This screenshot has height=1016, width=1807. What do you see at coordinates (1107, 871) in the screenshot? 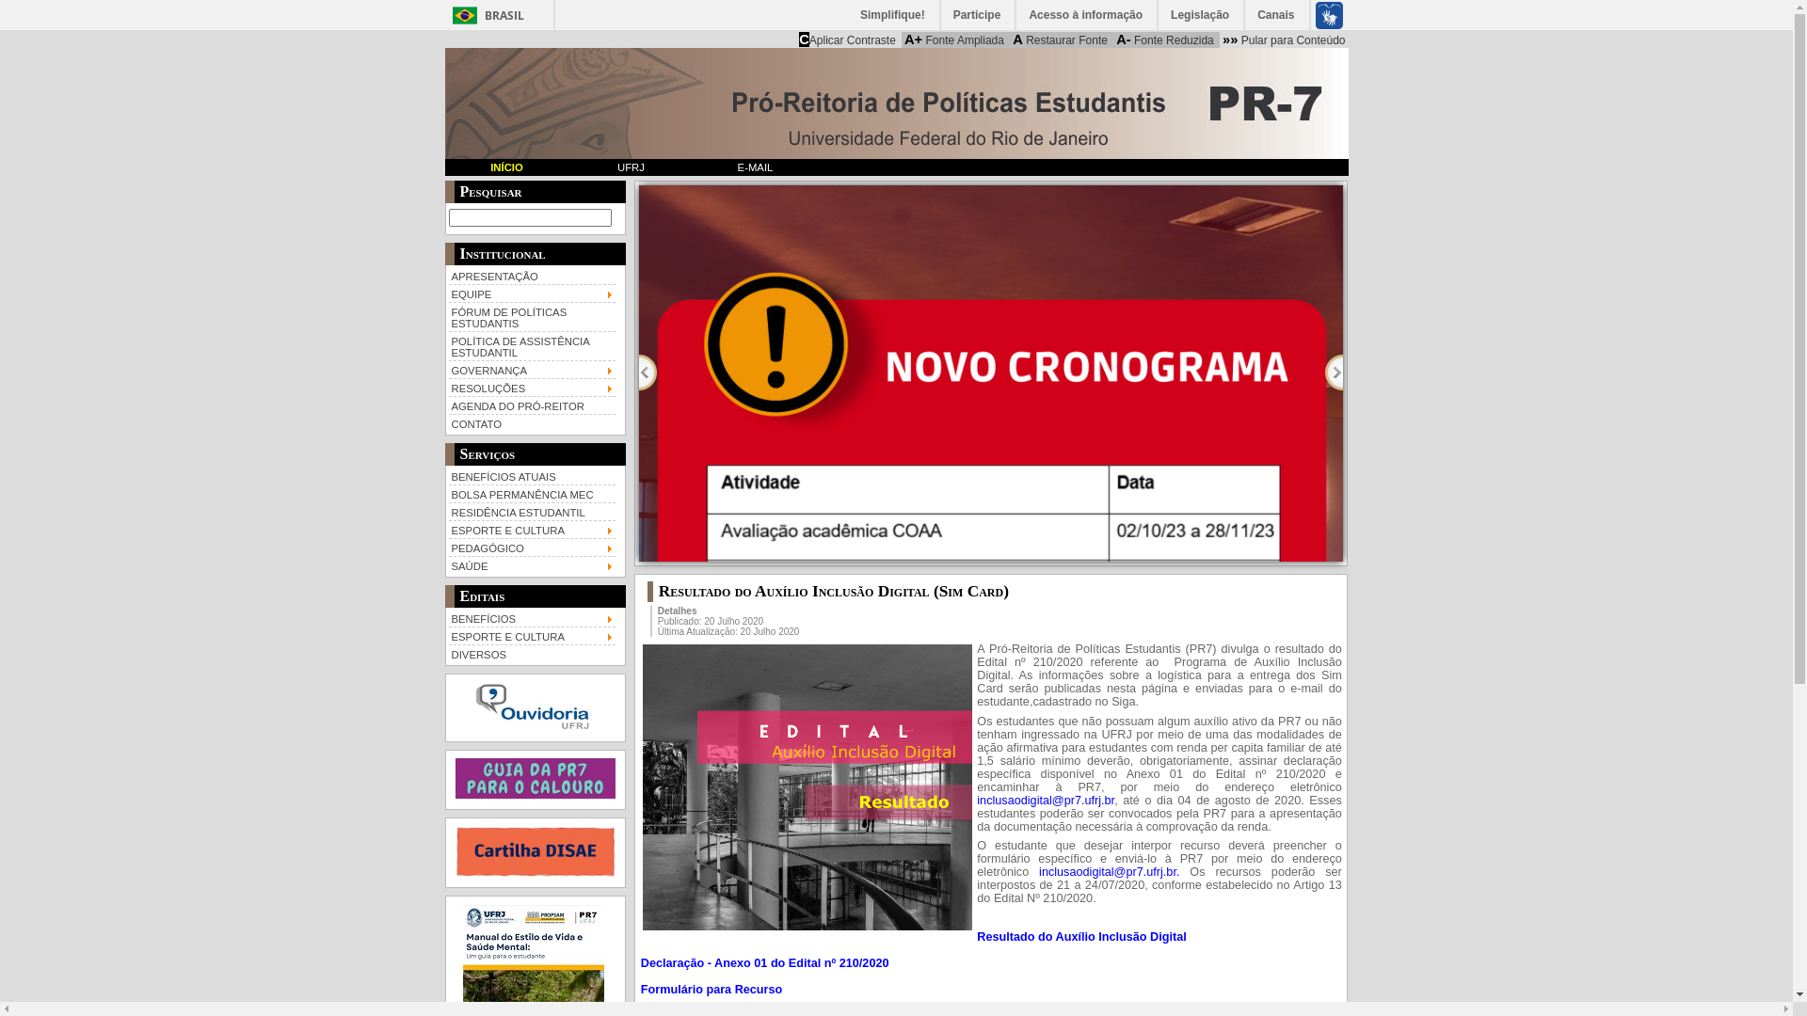
I see `'inclusaodigital@pr7.ufrj.br'` at bounding box center [1107, 871].